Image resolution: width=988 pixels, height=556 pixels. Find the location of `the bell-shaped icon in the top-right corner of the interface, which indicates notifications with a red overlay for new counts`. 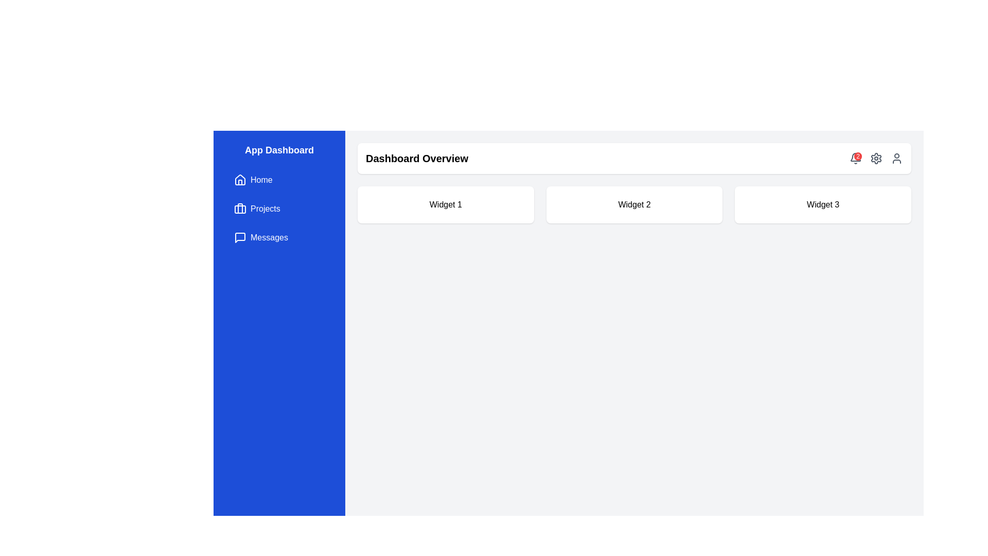

the bell-shaped icon in the top-right corner of the interface, which indicates notifications with a red overlay for new counts is located at coordinates (855, 157).